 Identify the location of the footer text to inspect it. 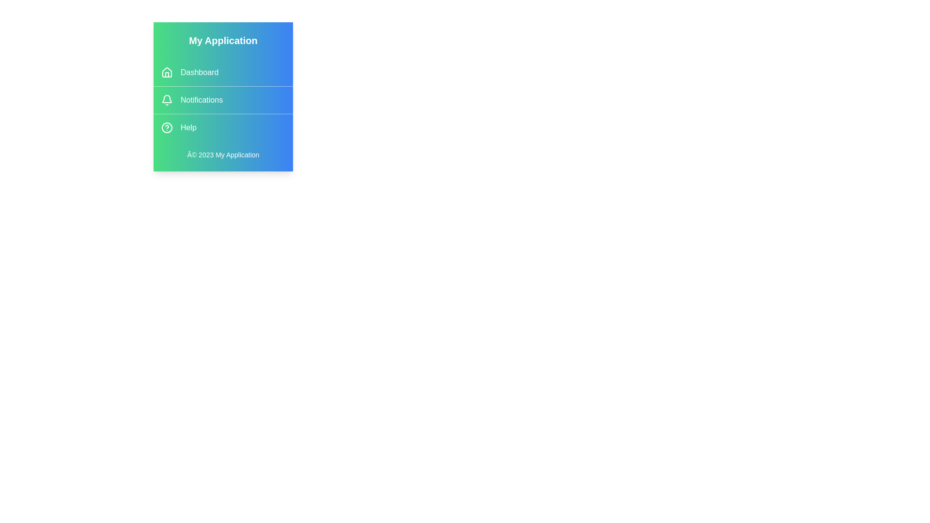
(222, 154).